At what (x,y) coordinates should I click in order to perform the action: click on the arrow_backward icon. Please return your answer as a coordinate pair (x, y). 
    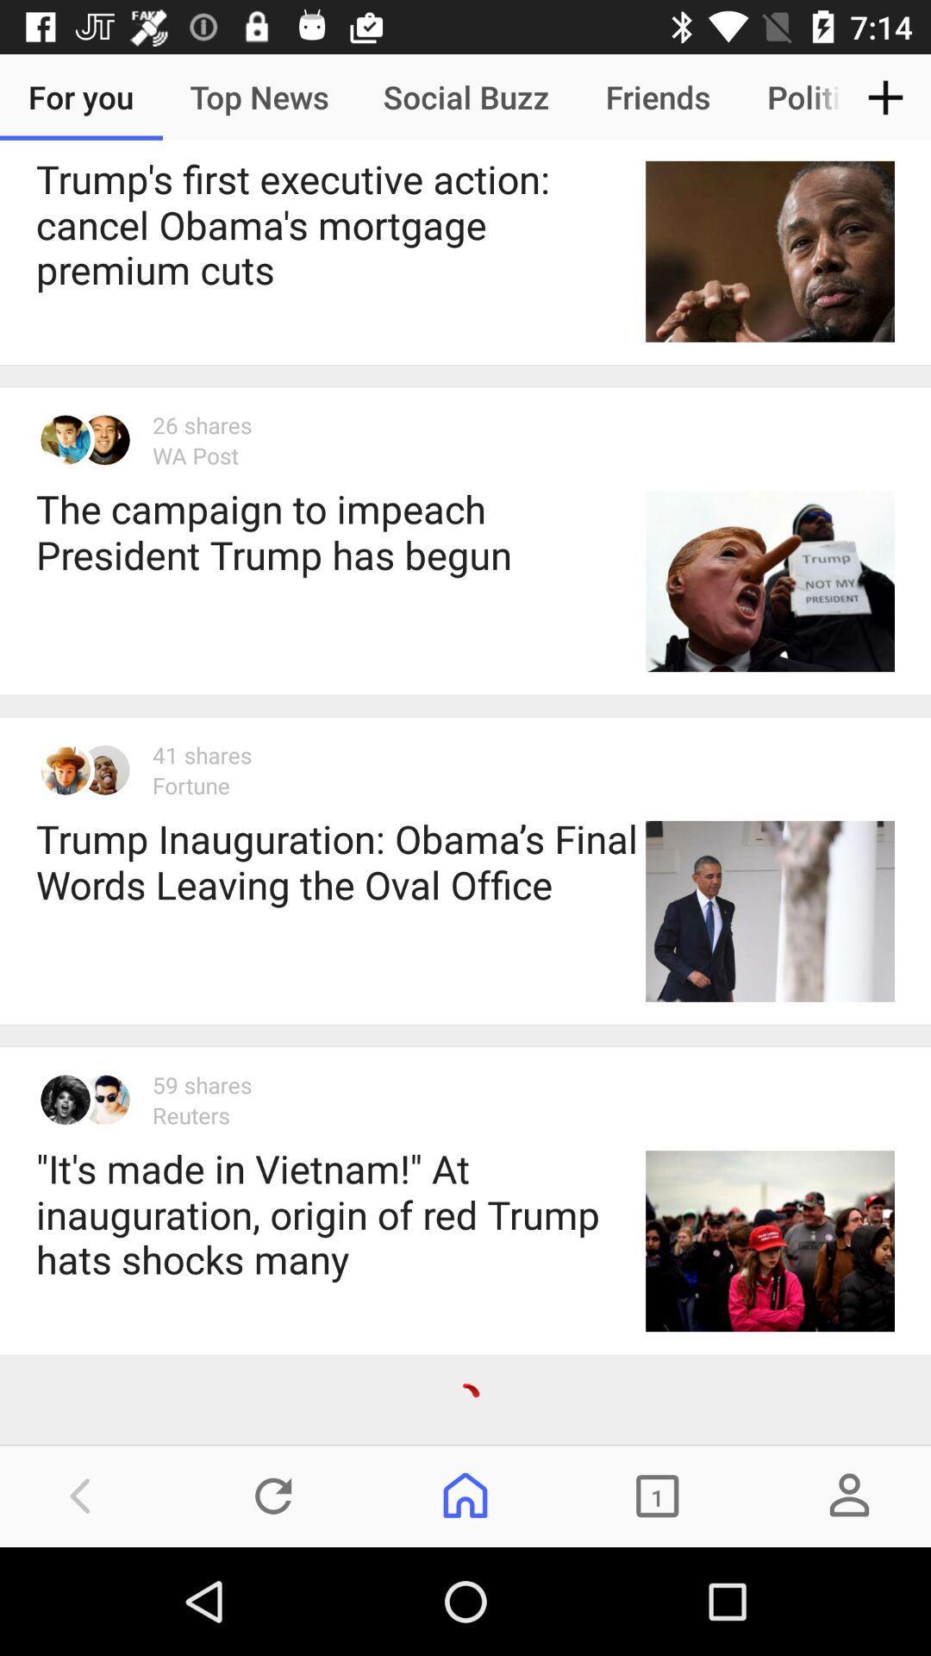
    Looking at the image, I should click on (81, 1495).